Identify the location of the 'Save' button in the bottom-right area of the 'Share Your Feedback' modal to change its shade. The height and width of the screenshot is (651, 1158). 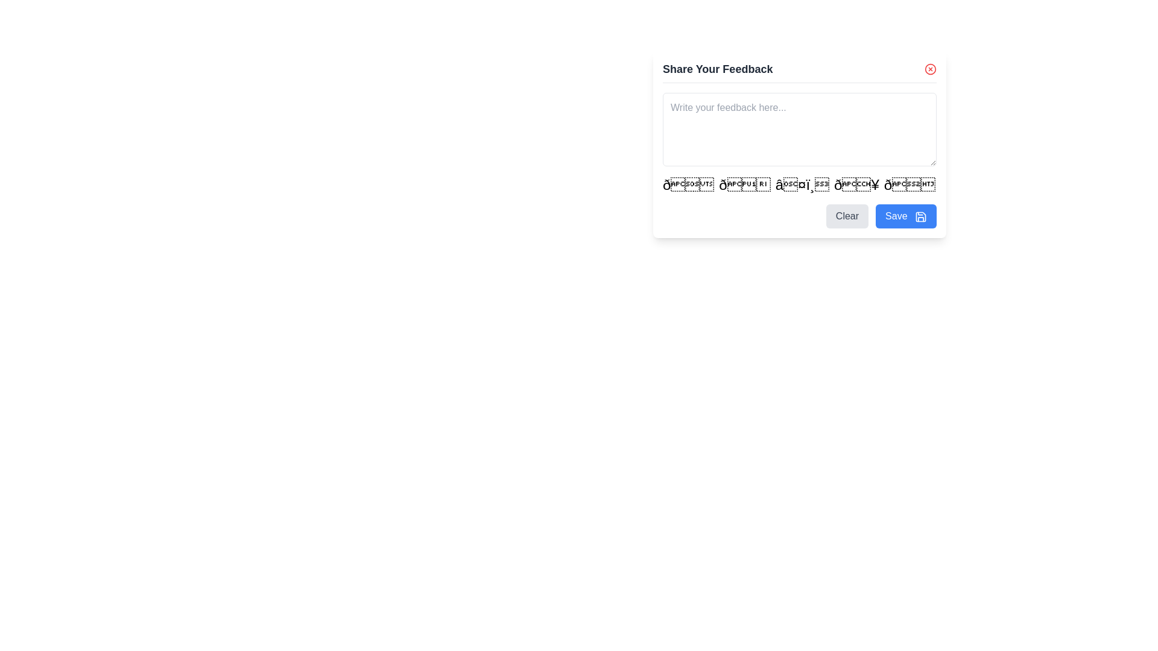
(906, 215).